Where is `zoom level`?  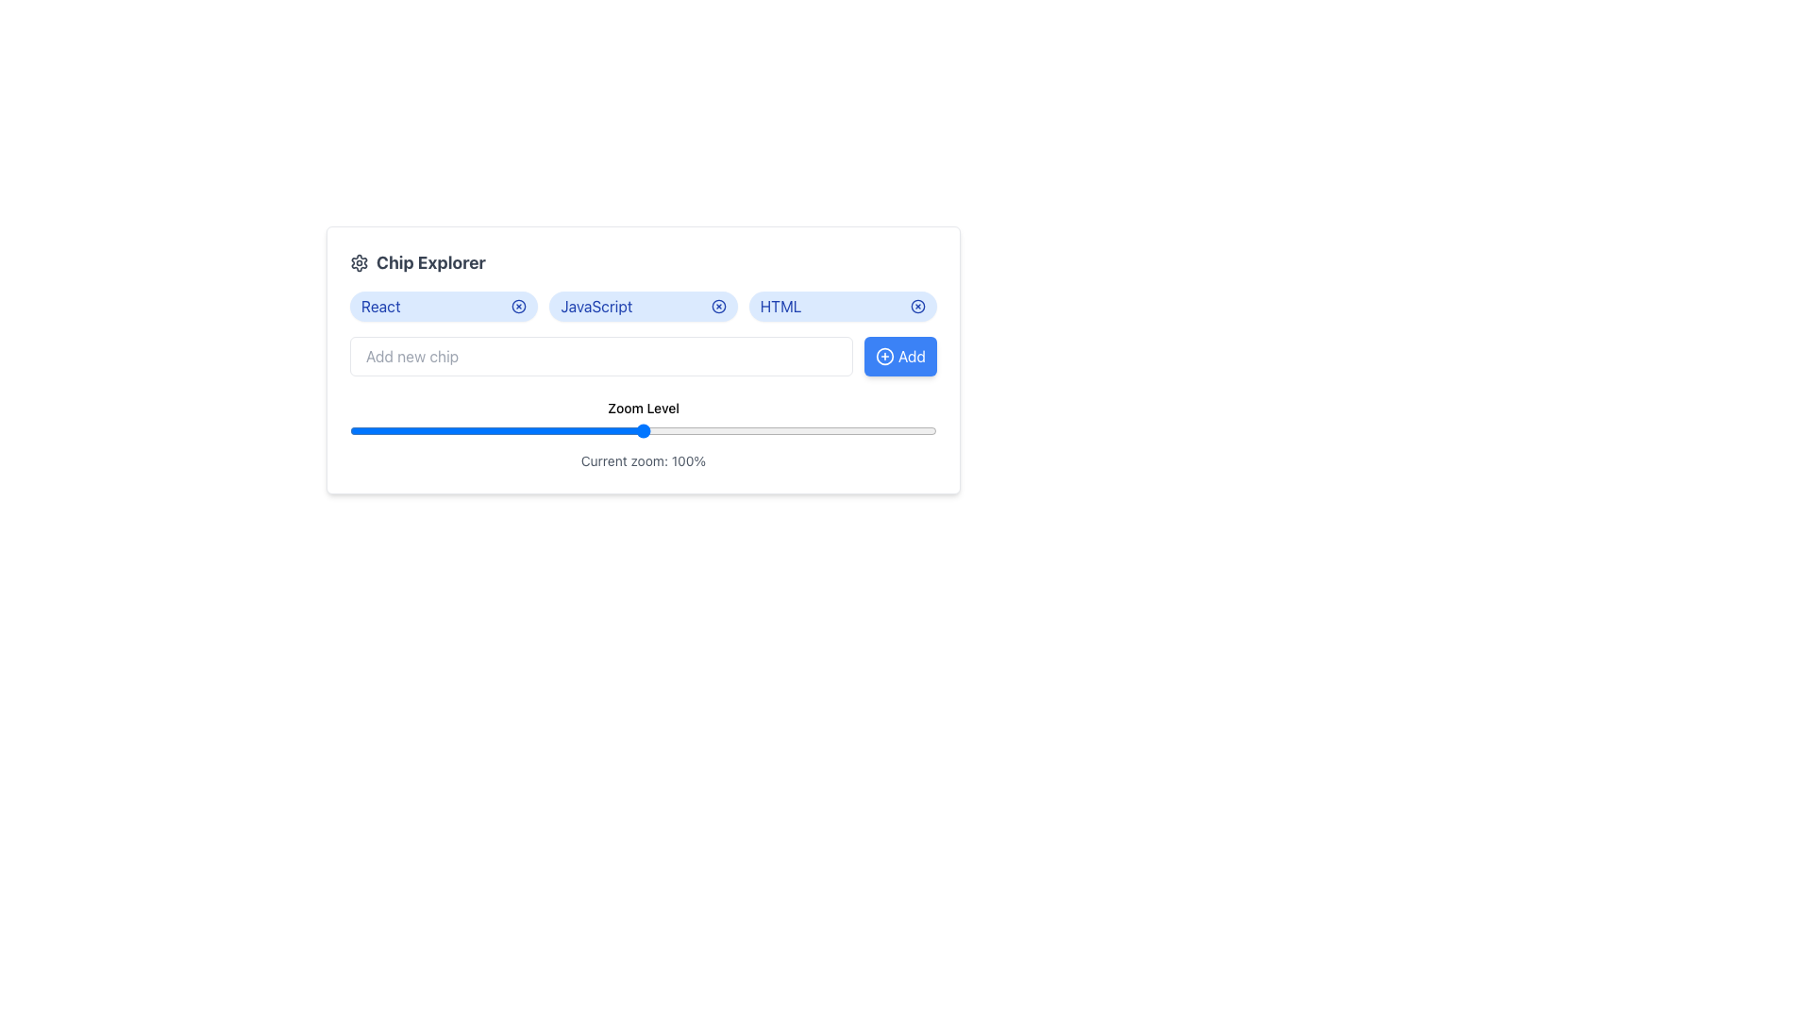
zoom level is located at coordinates (637, 430).